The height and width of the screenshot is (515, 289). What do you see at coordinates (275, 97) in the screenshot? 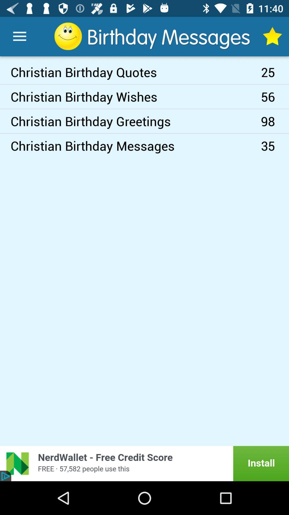
I see `the icon next to the christian birthday greetings` at bounding box center [275, 97].